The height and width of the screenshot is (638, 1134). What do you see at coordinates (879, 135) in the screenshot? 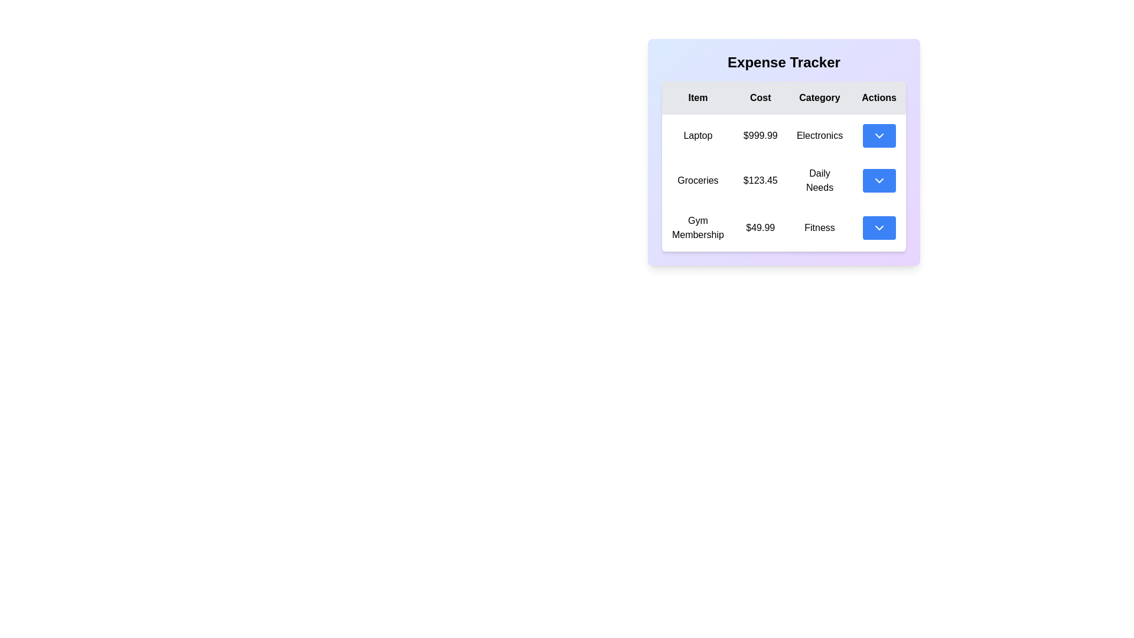
I see `the Dropdown indicator icon, which is a downward-facing chevron icon located in a blue rounded button in the last column of the first row of the table under the 'Actions' column` at bounding box center [879, 135].